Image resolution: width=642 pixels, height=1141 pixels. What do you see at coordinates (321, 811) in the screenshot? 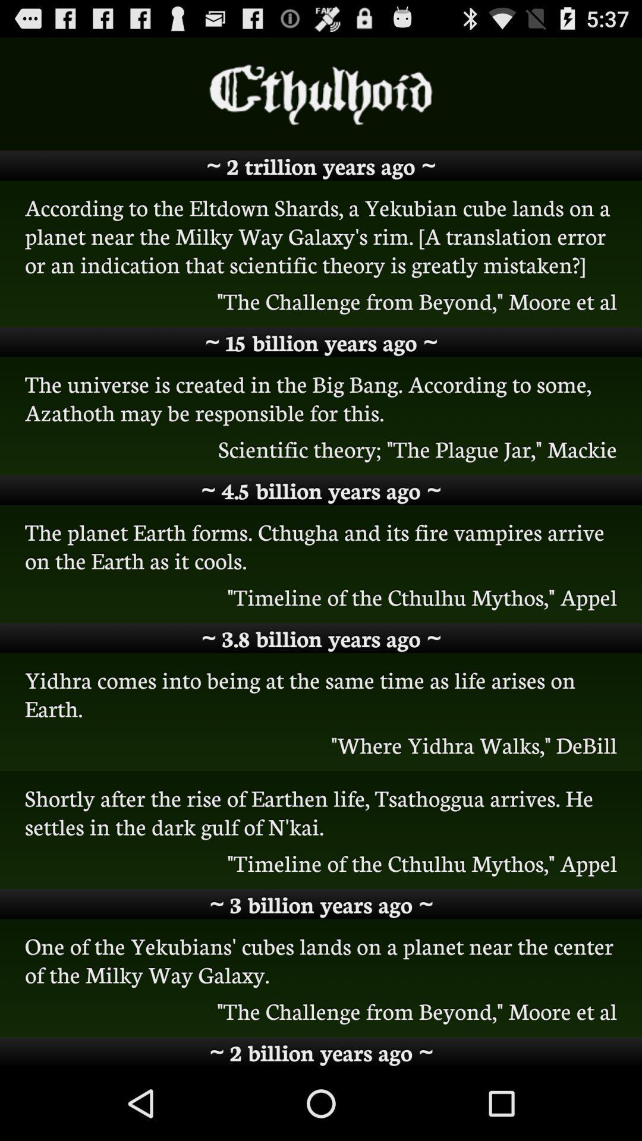
I see `shortly after the icon` at bounding box center [321, 811].